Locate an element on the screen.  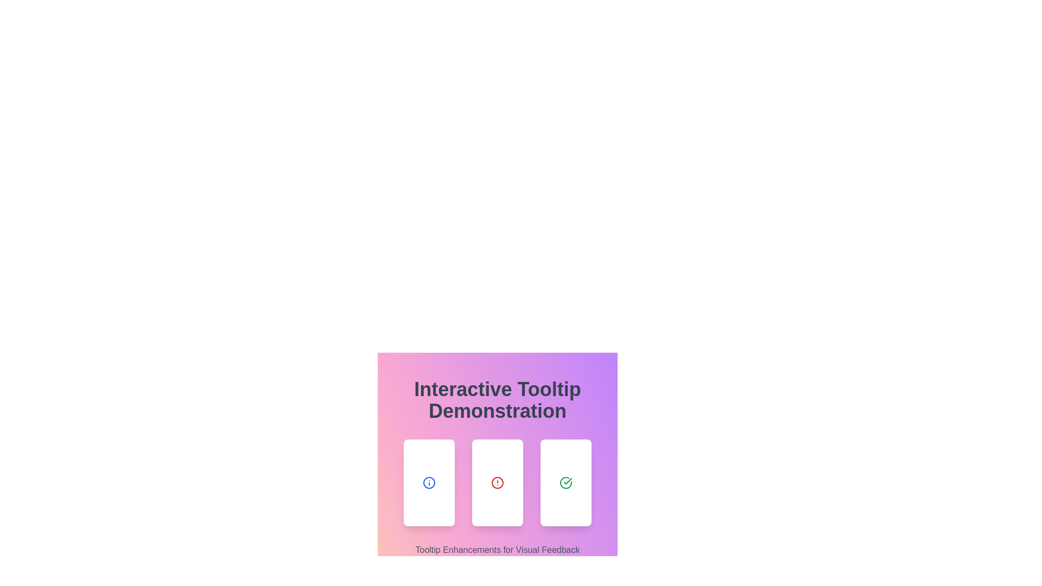
prominent heading text 'Interactive Tooltip Demonstration' to understand the context of the interface is located at coordinates (497, 400).